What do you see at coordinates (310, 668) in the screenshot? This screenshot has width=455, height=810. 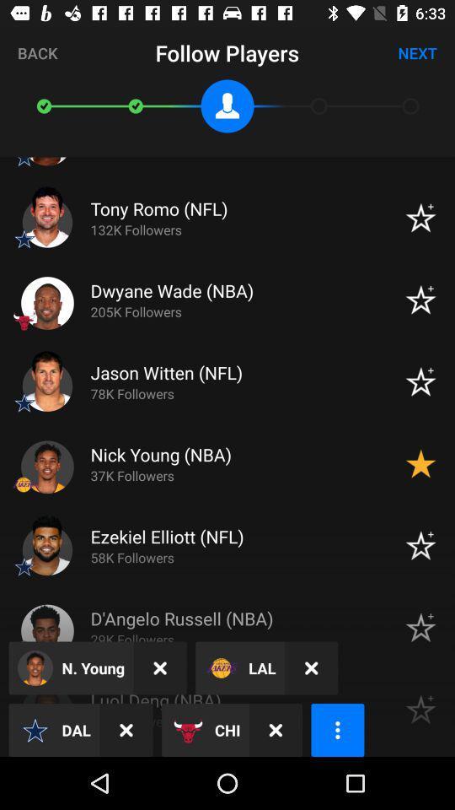 I see `the close icon` at bounding box center [310, 668].